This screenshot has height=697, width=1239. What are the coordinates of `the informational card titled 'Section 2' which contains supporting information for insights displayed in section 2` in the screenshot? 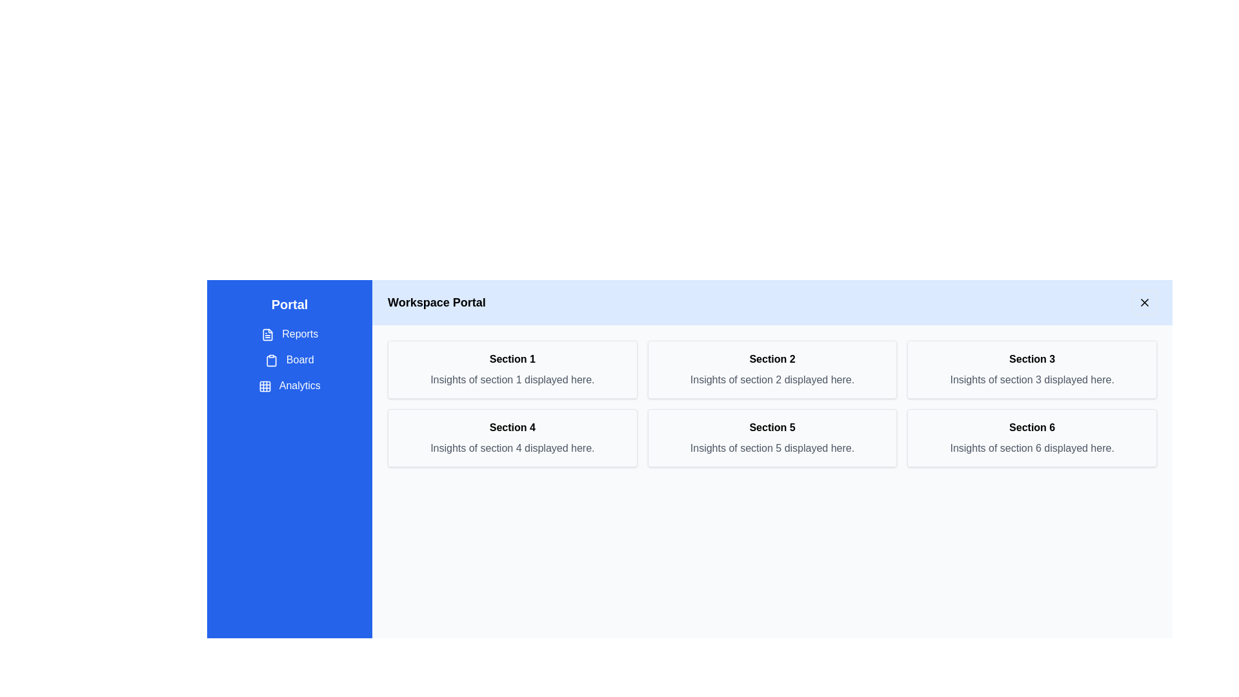 It's located at (772, 370).